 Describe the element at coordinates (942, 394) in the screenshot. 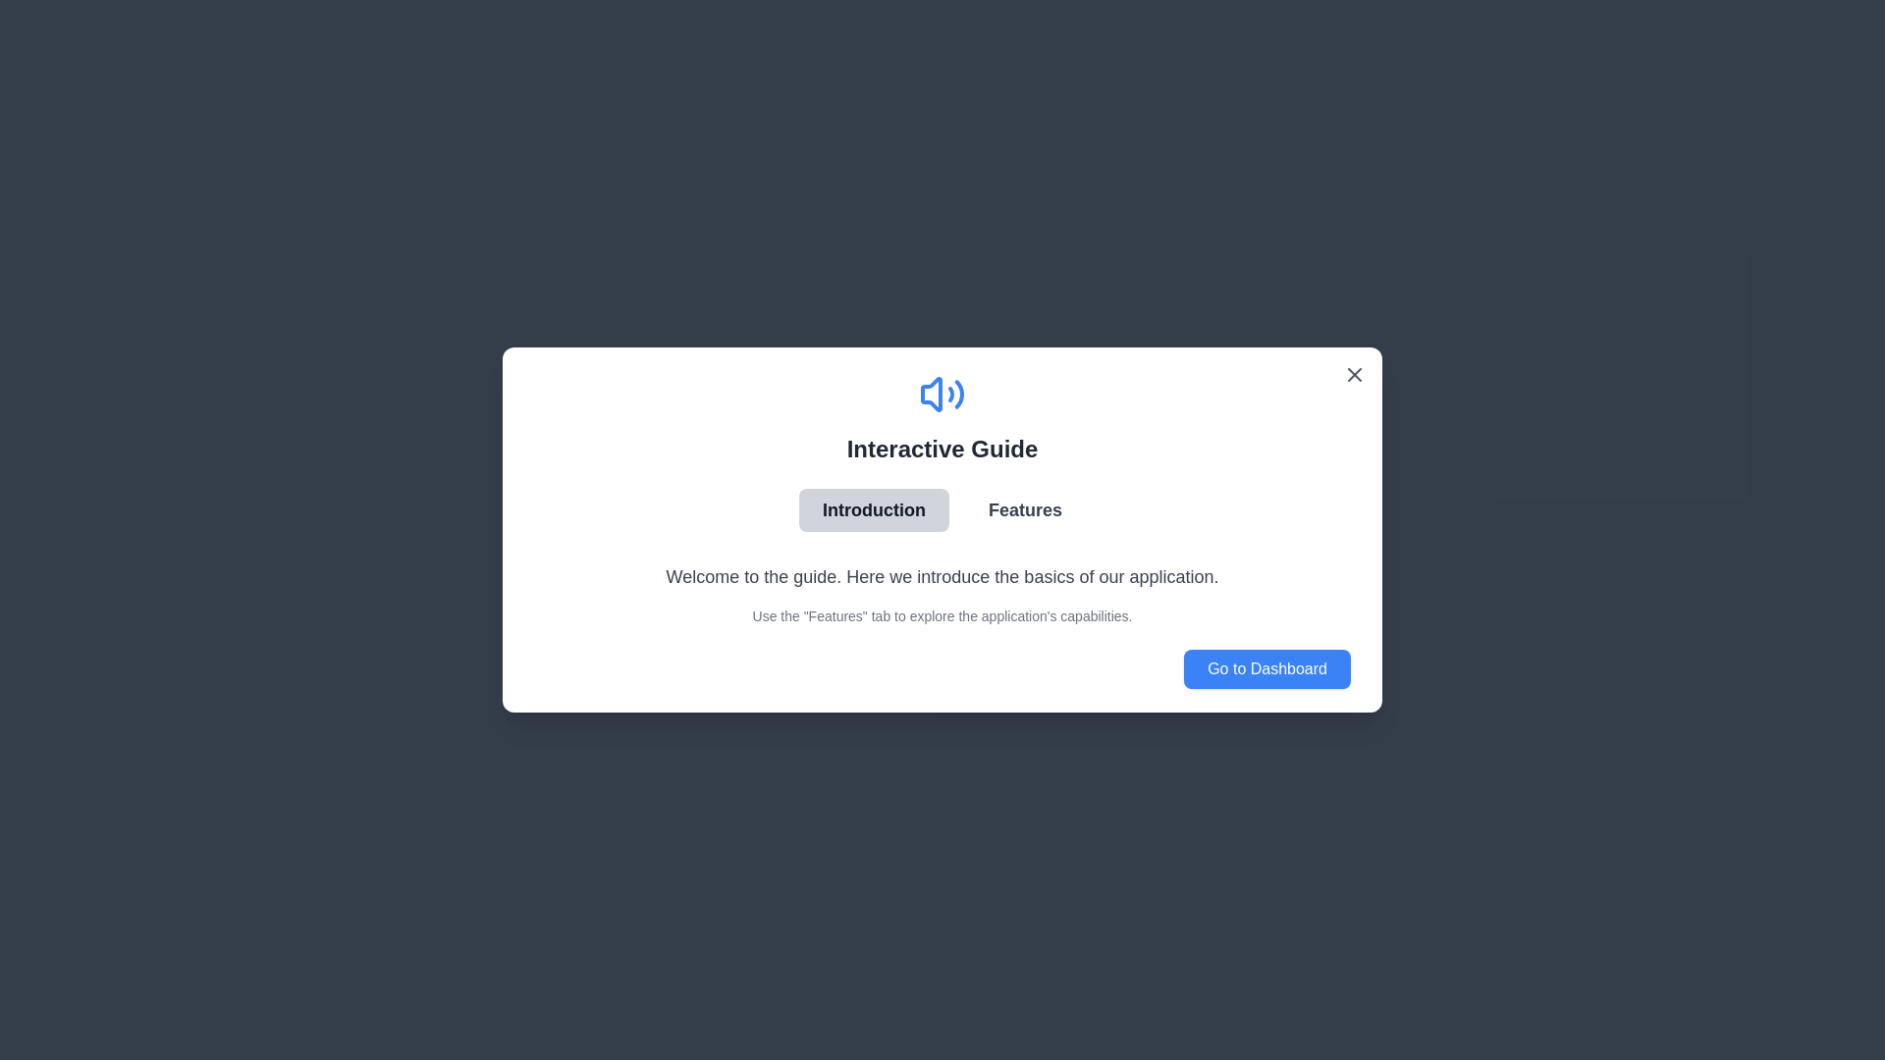

I see `the iconographic representation (SVG) that visually represents audio or sound settings, located at the center of the dialog box above the heading 'Interactive Guide'` at that location.